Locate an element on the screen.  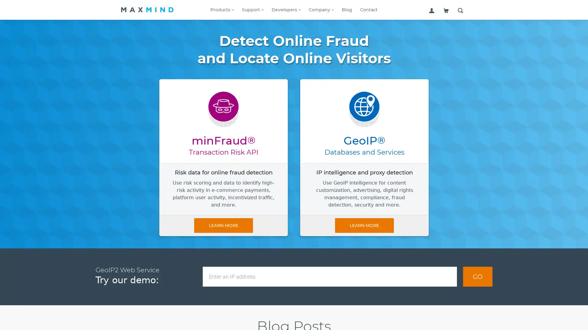
Blog is located at coordinates (347, 9).